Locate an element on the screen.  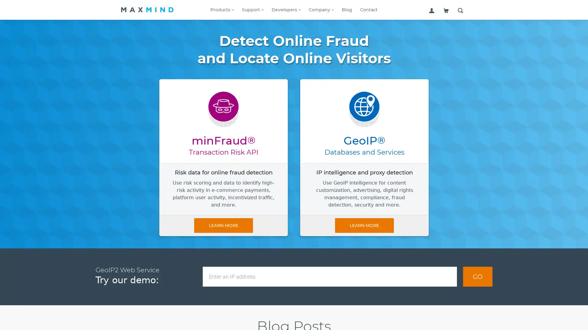
Blog is located at coordinates (347, 9).